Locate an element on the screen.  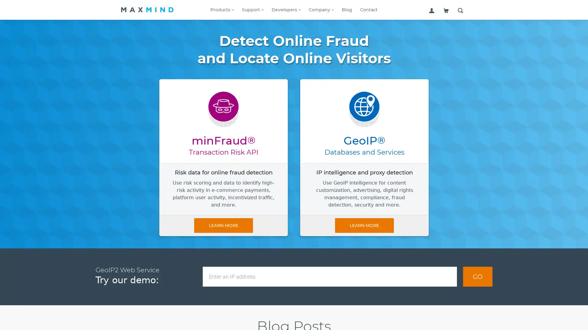
Blog is located at coordinates (347, 9).